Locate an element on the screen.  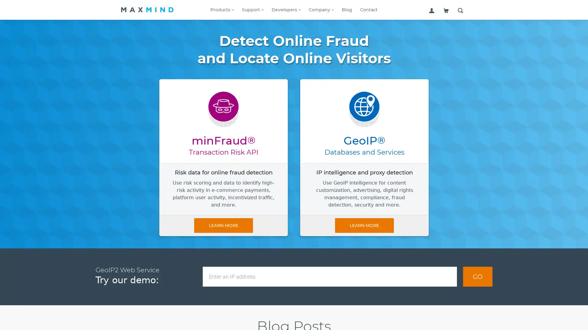
Blog is located at coordinates (347, 9).